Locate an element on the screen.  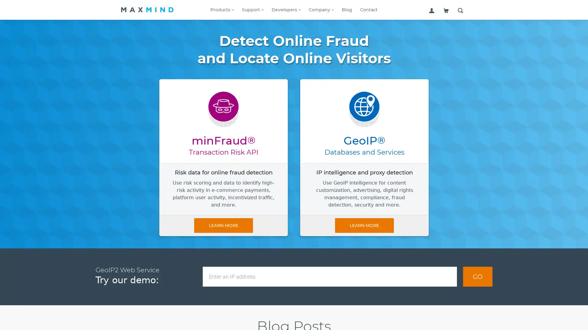
Blog is located at coordinates (347, 9).